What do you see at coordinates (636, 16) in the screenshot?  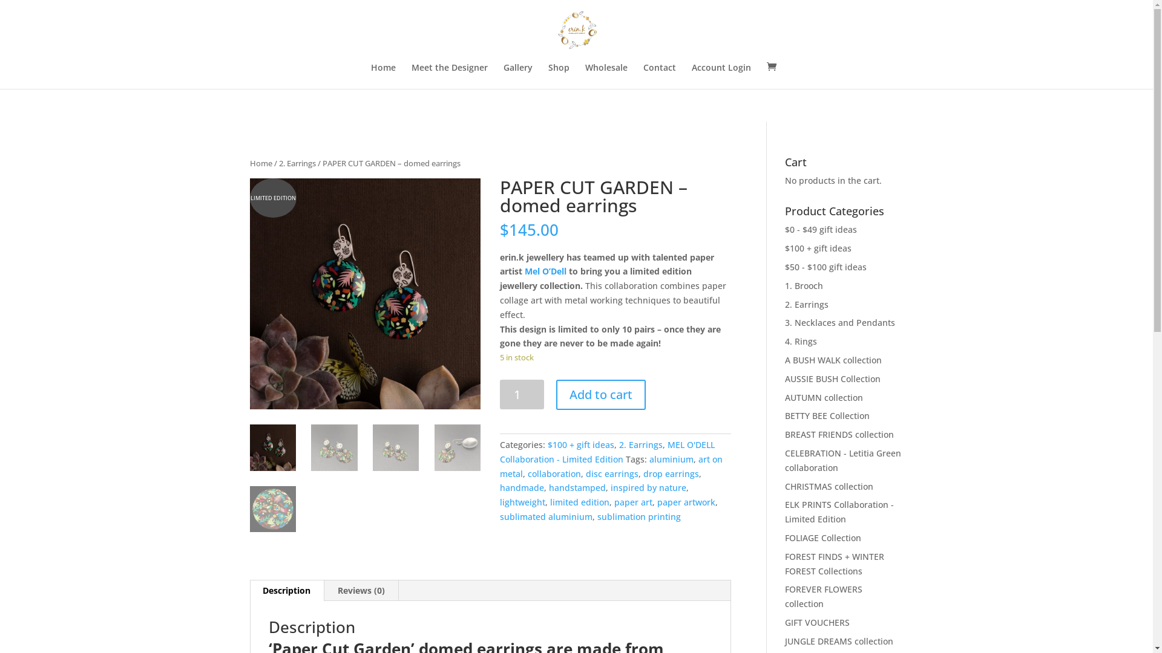 I see `'SHOP NOW'` at bounding box center [636, 16].